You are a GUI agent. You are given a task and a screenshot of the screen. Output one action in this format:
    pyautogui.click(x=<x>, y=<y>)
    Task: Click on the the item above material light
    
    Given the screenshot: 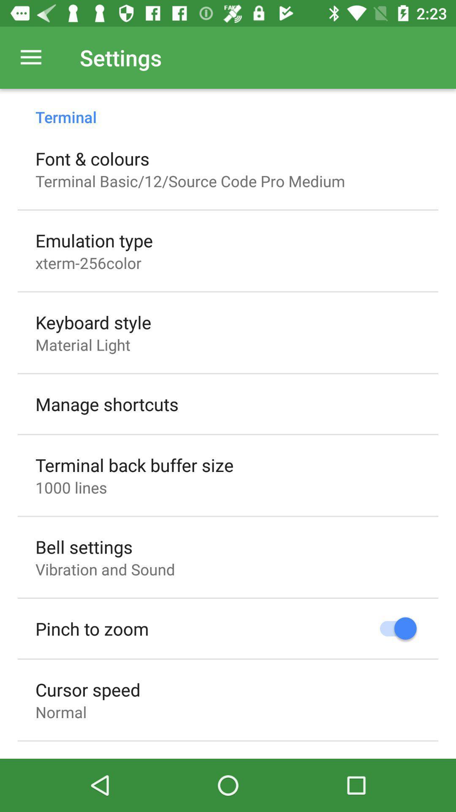 What is the action you would take?
    pyautogui.click(x=93, y=322)
    